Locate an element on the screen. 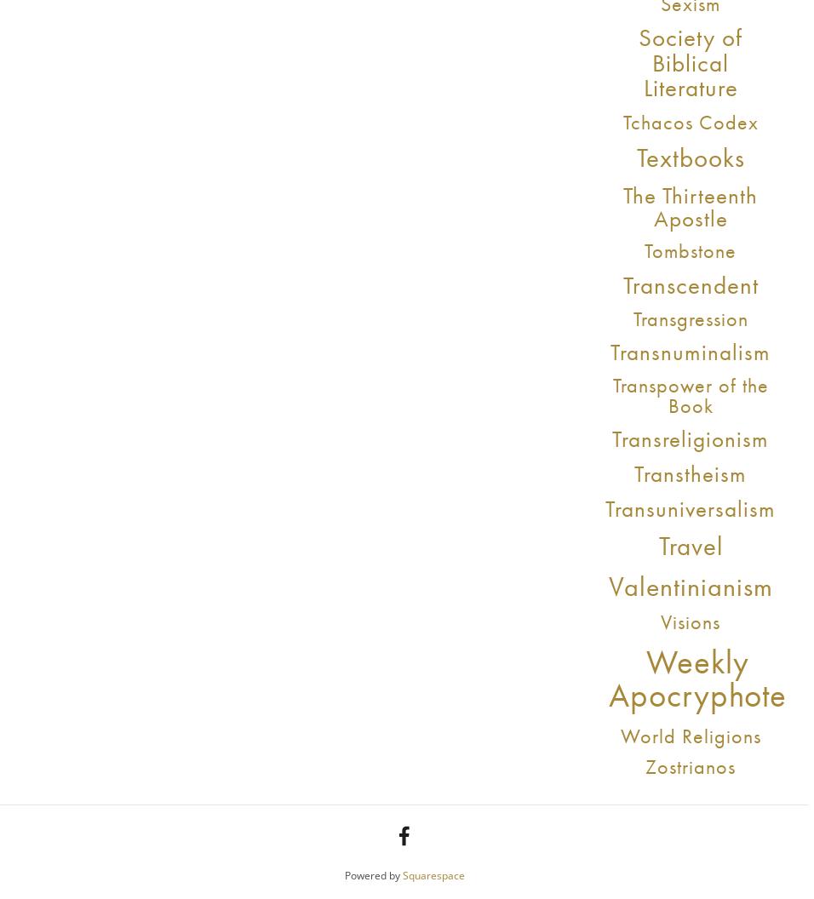 The width and height of the screenshot is (814, 899). 'Tombstone' is located at coordinates (643, 250).